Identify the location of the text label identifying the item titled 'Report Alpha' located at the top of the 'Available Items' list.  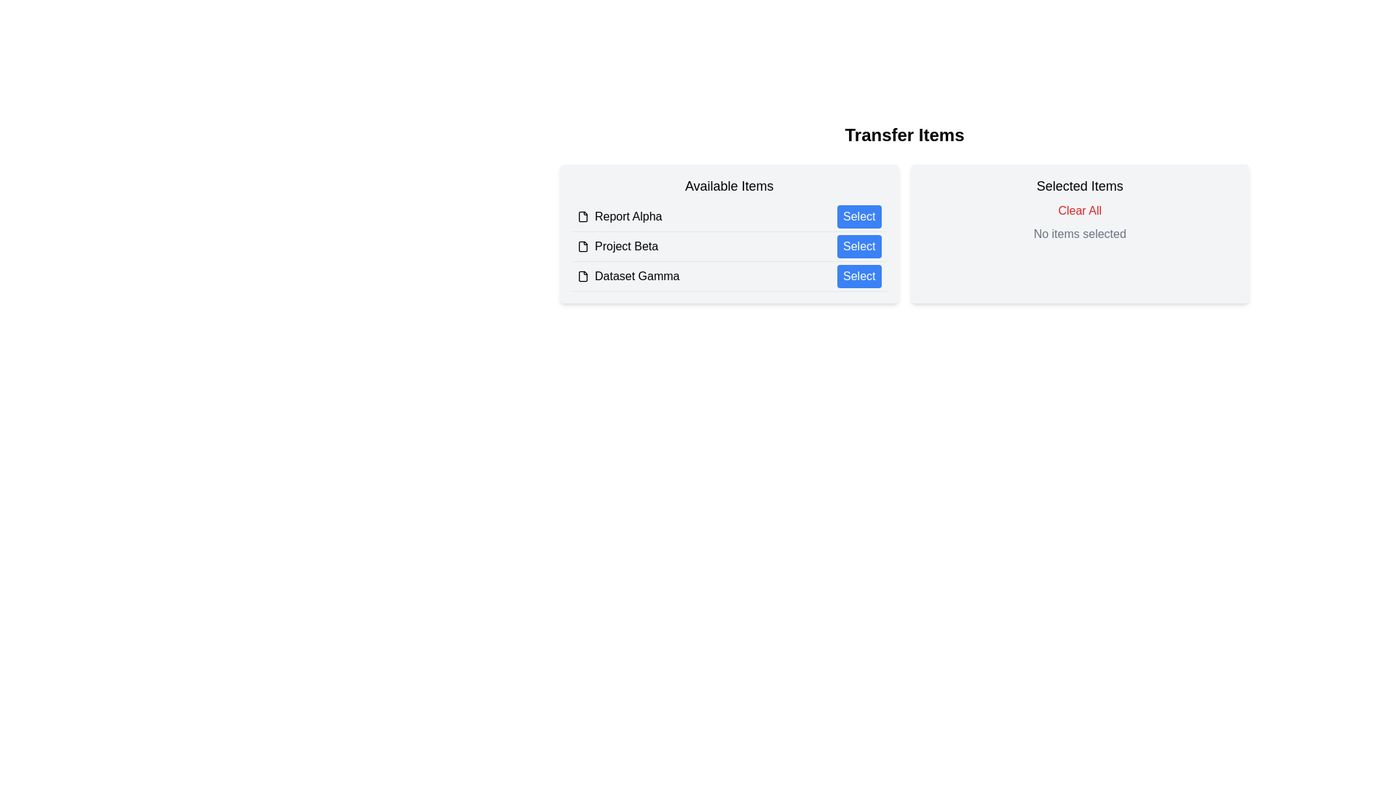
(628, 216).